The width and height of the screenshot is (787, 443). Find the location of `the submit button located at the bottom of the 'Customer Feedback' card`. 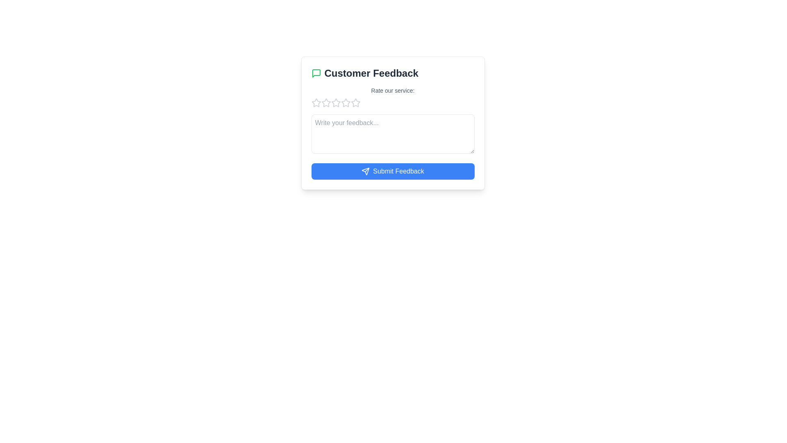

the submit button located at the bottom of the 'Customer Feedback' card is located at coordinates (392, 171).